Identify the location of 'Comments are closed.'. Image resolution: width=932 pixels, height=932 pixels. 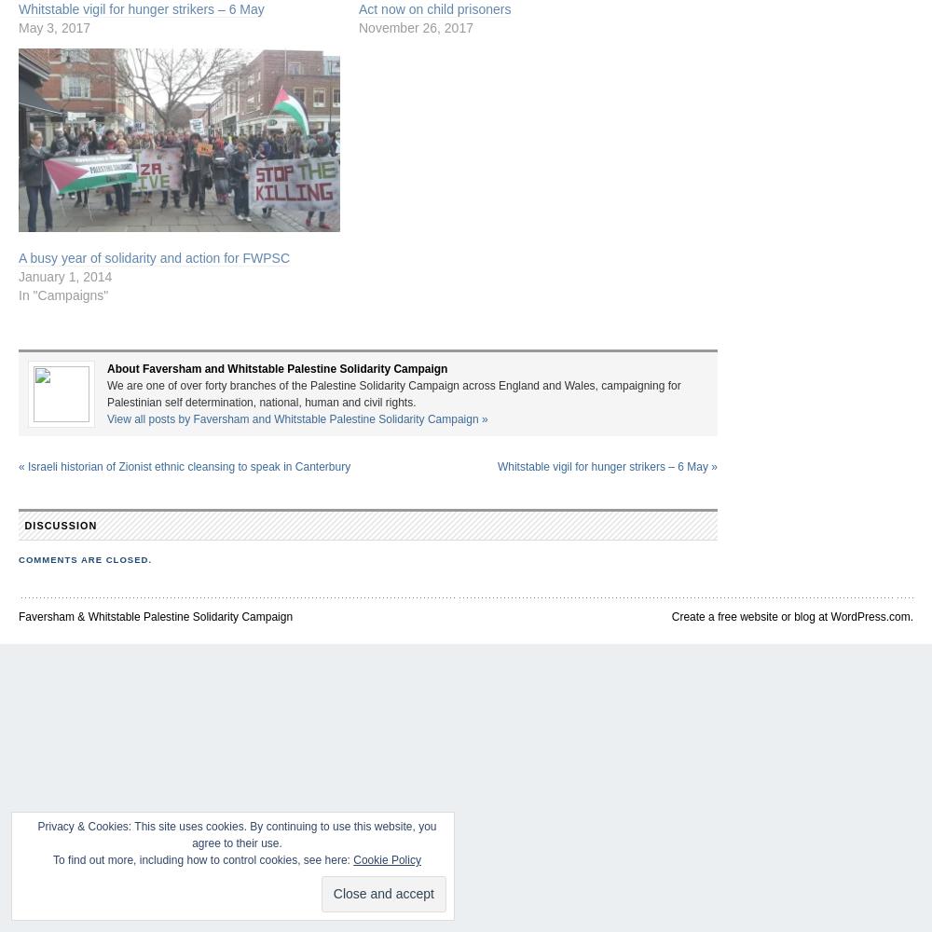
(84, 558).